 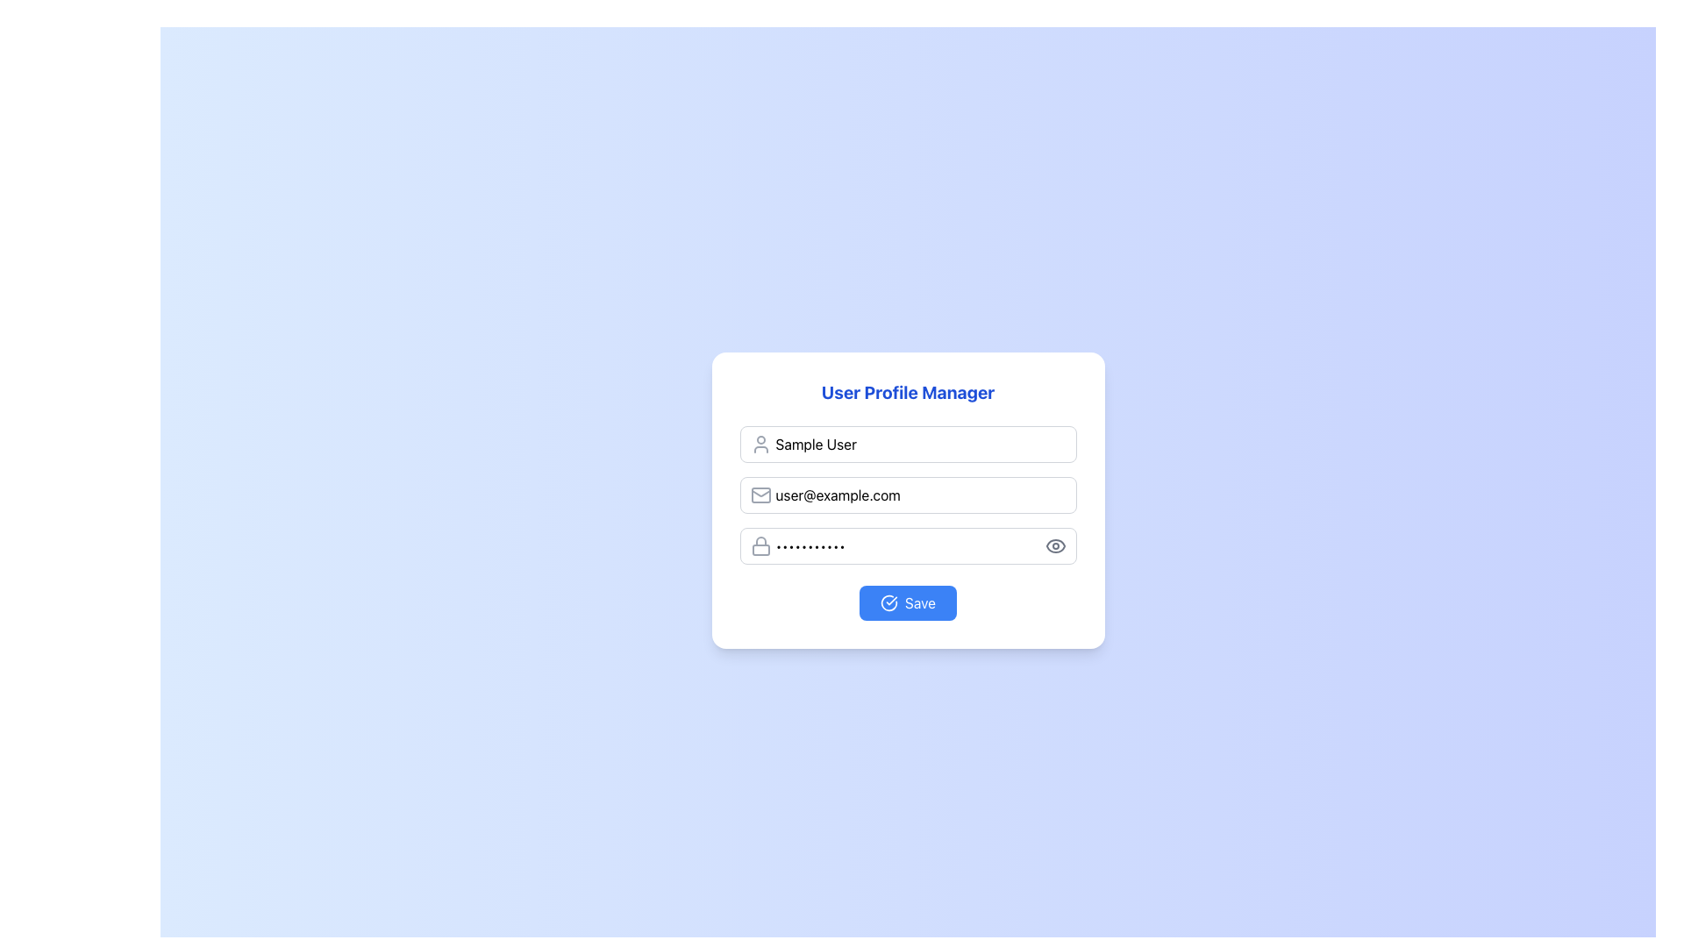 What do you see at coordinates (908, 602) in the screenshot?
I see `the save button located at the bottom of the 'User Profile Manager' modal` at bounding box center [908, 602].